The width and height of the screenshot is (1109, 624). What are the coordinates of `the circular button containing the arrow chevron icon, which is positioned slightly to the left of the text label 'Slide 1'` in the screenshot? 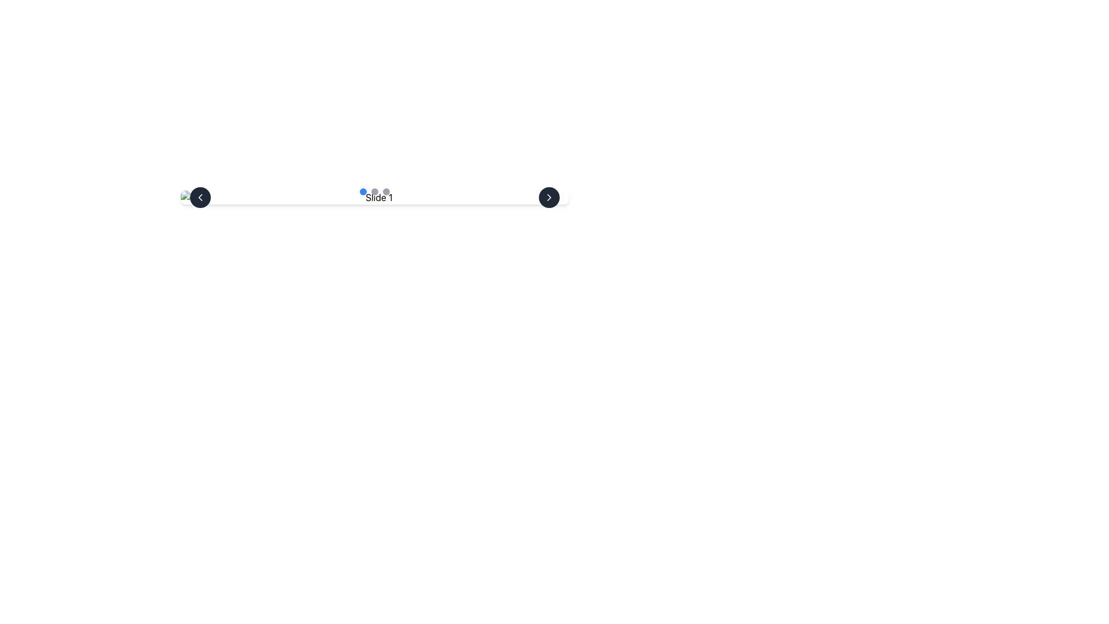 It's located at (200, 197).